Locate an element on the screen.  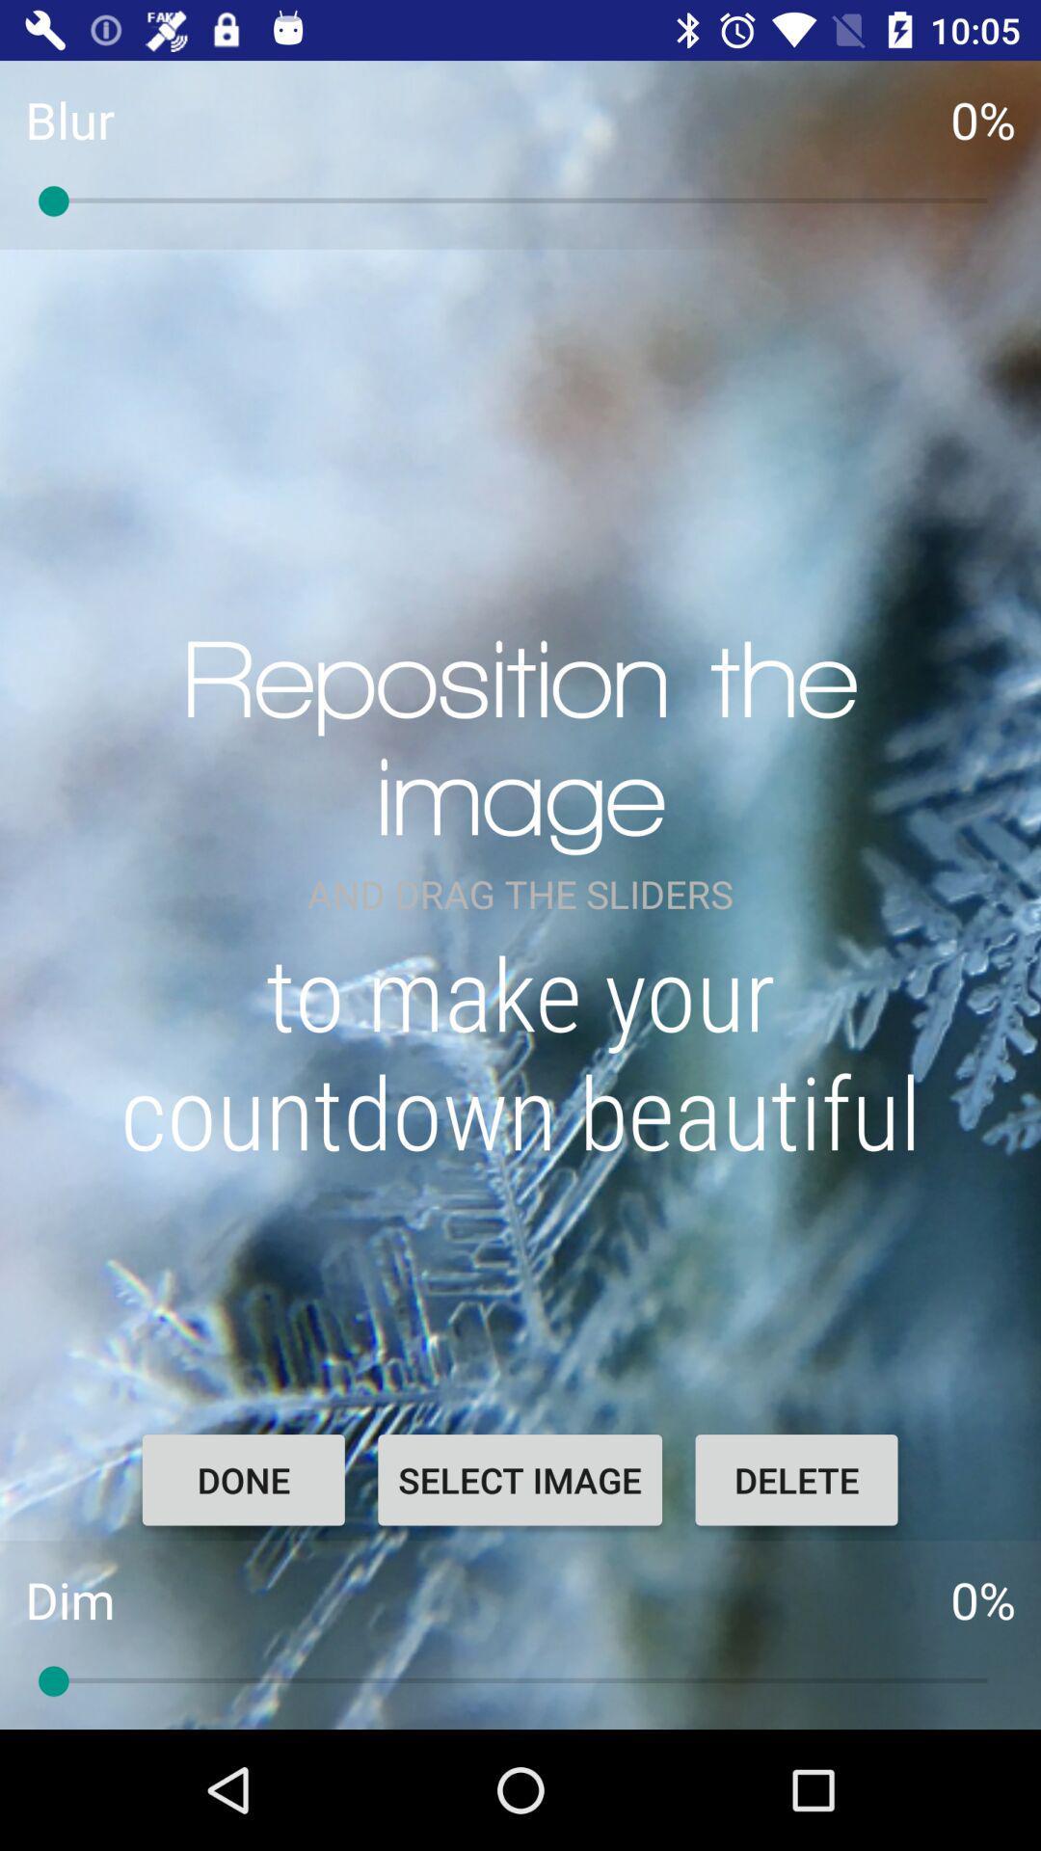
the done item is located at coordinates (242, 1479).